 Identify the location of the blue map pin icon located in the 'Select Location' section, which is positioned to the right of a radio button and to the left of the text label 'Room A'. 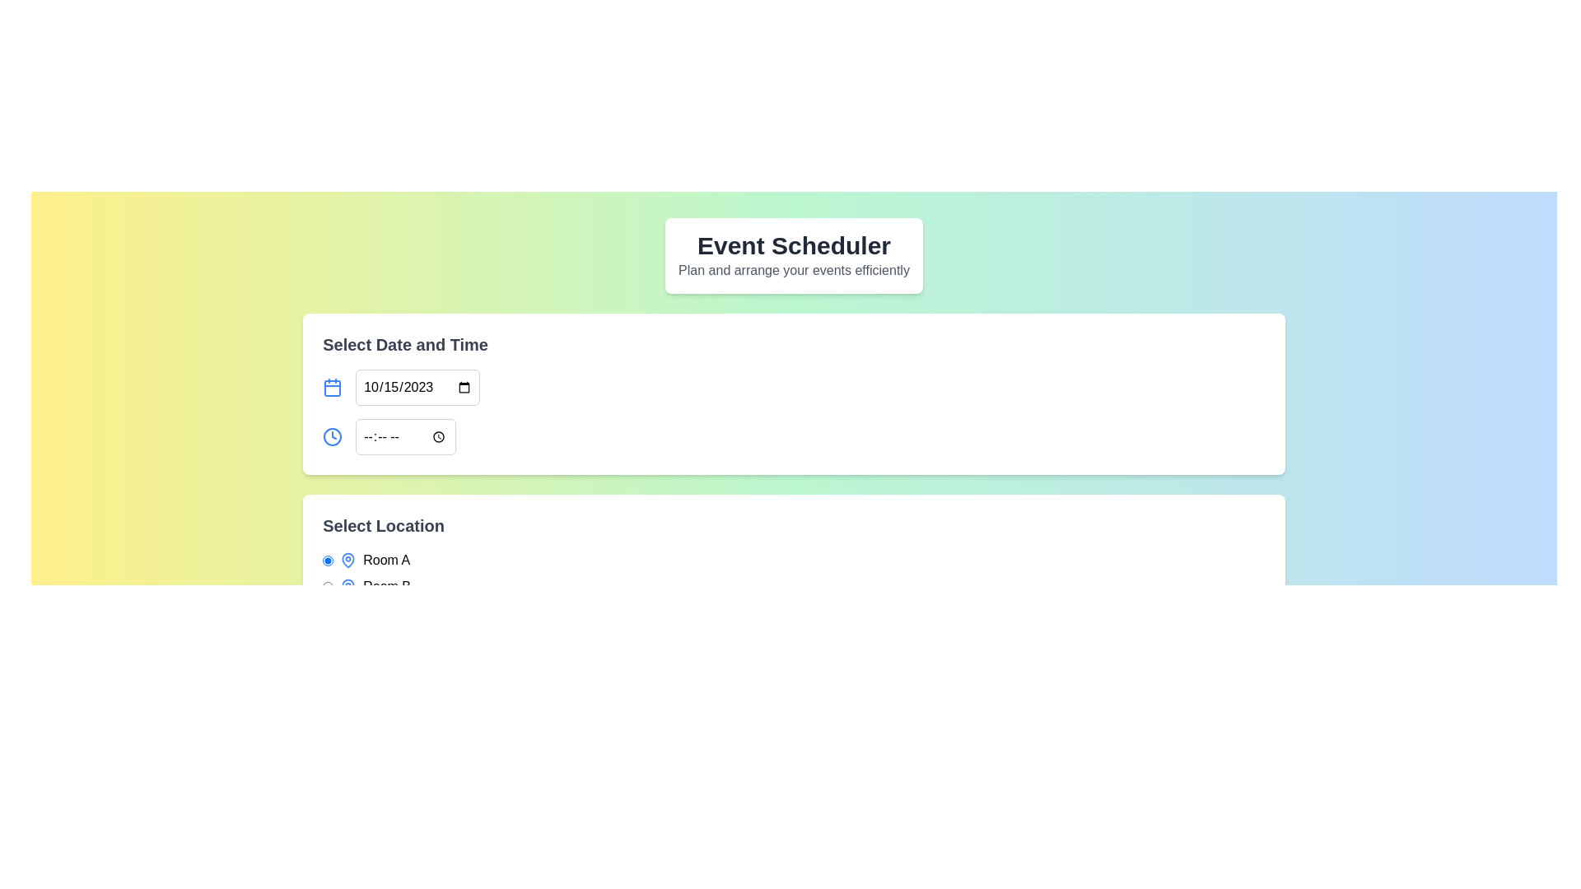
(347, 560).